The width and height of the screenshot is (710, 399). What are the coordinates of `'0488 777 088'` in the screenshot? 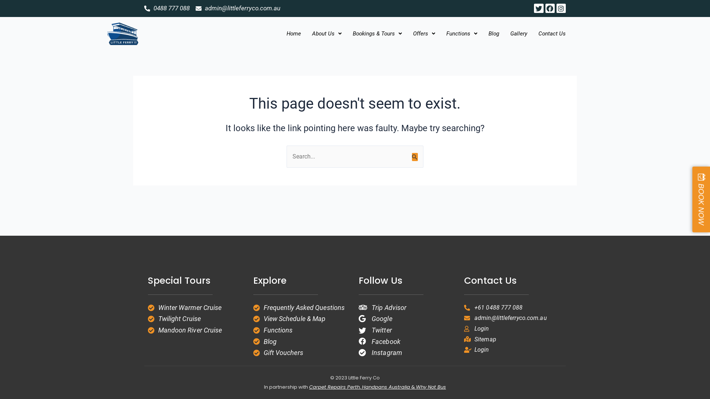 It's located at (166, 8).